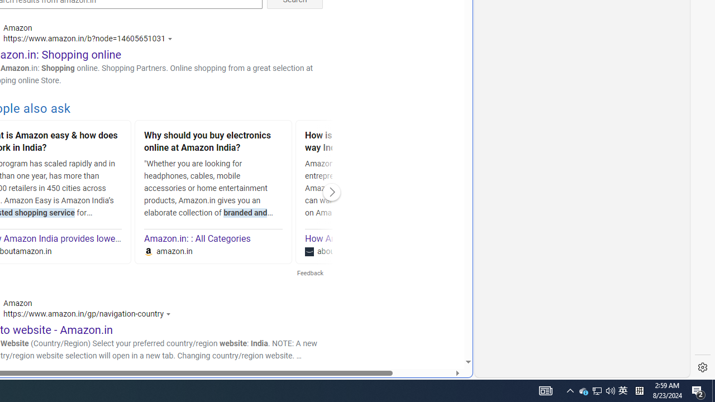 This screenshot has height=402, width=715. Describe the element at coordinates (197, 238) in the screenshot. I see `'Amazon.in: : All Categories'` at that location.